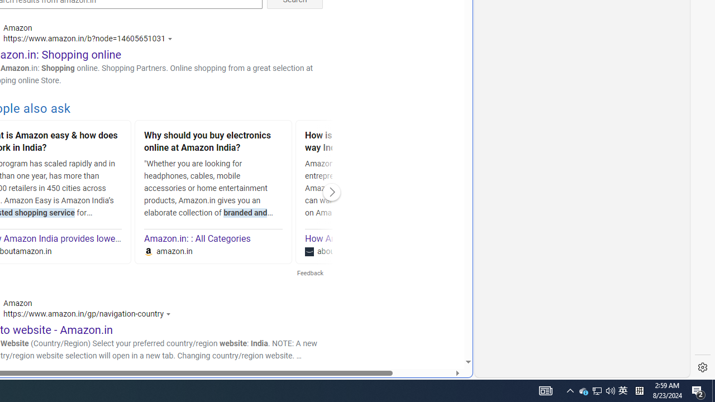 This screenshot has height=402, width=715. Describe the element at coordinates (197, 238) in the screenshot. I see `'Amazon.in: : All Categories'` at that location.